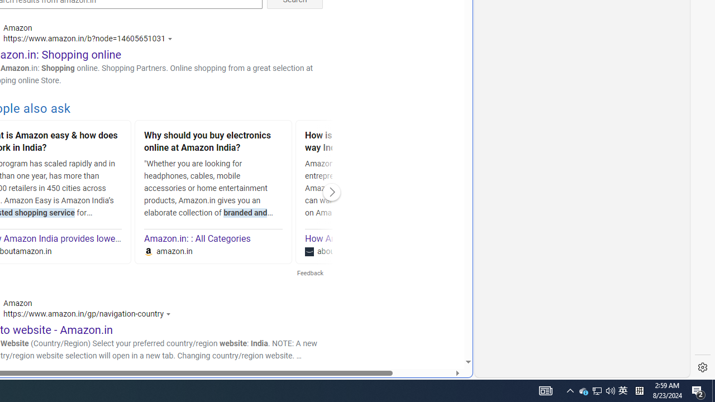 This screenshot has height=402, width=715. Describe the element at coordinates (197, 238) in the screenshot. I see `'Amazon.in: : All Categories'` at that location.